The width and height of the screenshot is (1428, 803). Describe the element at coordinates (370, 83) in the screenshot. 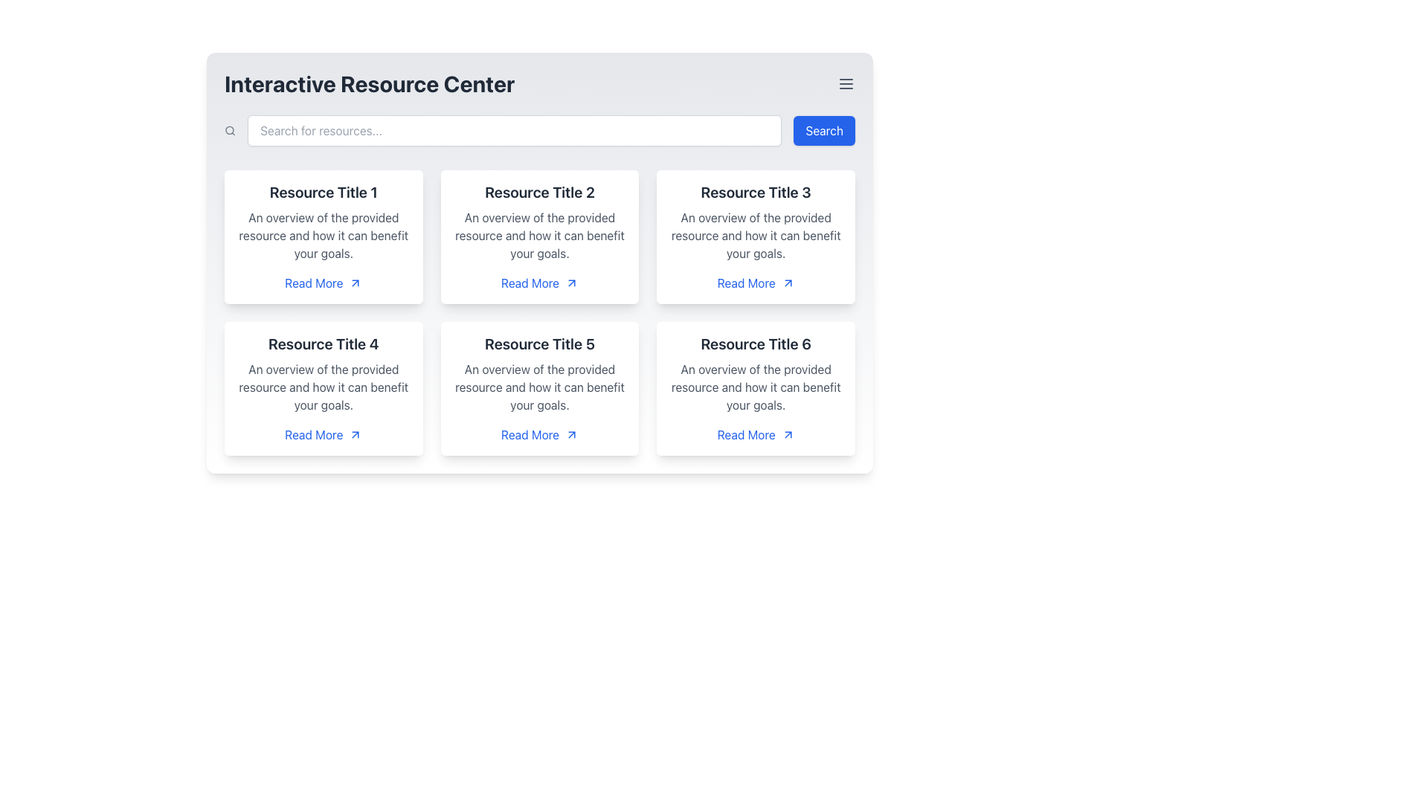

I see `the title text element located in the header section on the left` at that location.